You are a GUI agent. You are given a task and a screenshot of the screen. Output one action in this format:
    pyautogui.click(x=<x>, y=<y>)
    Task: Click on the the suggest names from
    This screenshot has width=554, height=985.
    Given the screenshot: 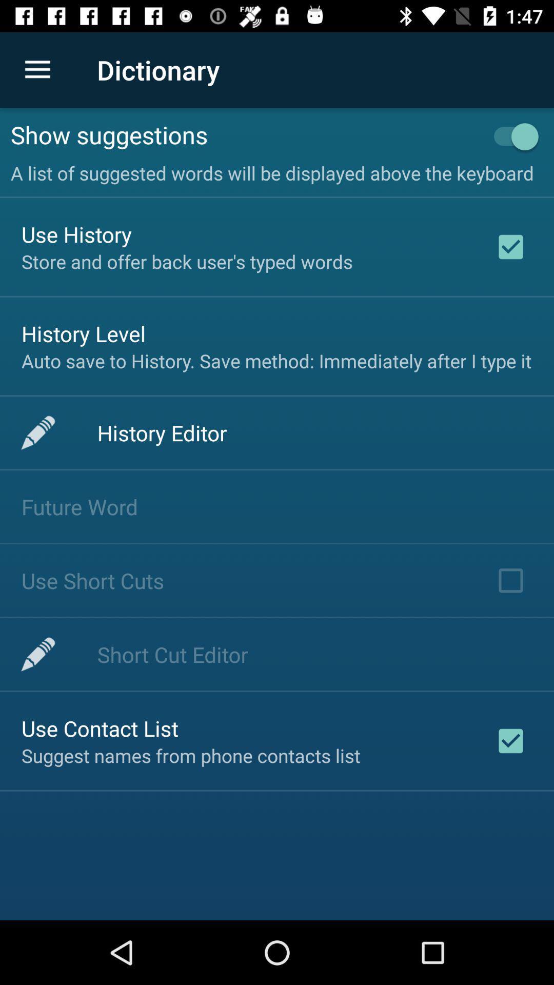 What is the action you would take?
    pyautogui.click(x=191, y=756)
    